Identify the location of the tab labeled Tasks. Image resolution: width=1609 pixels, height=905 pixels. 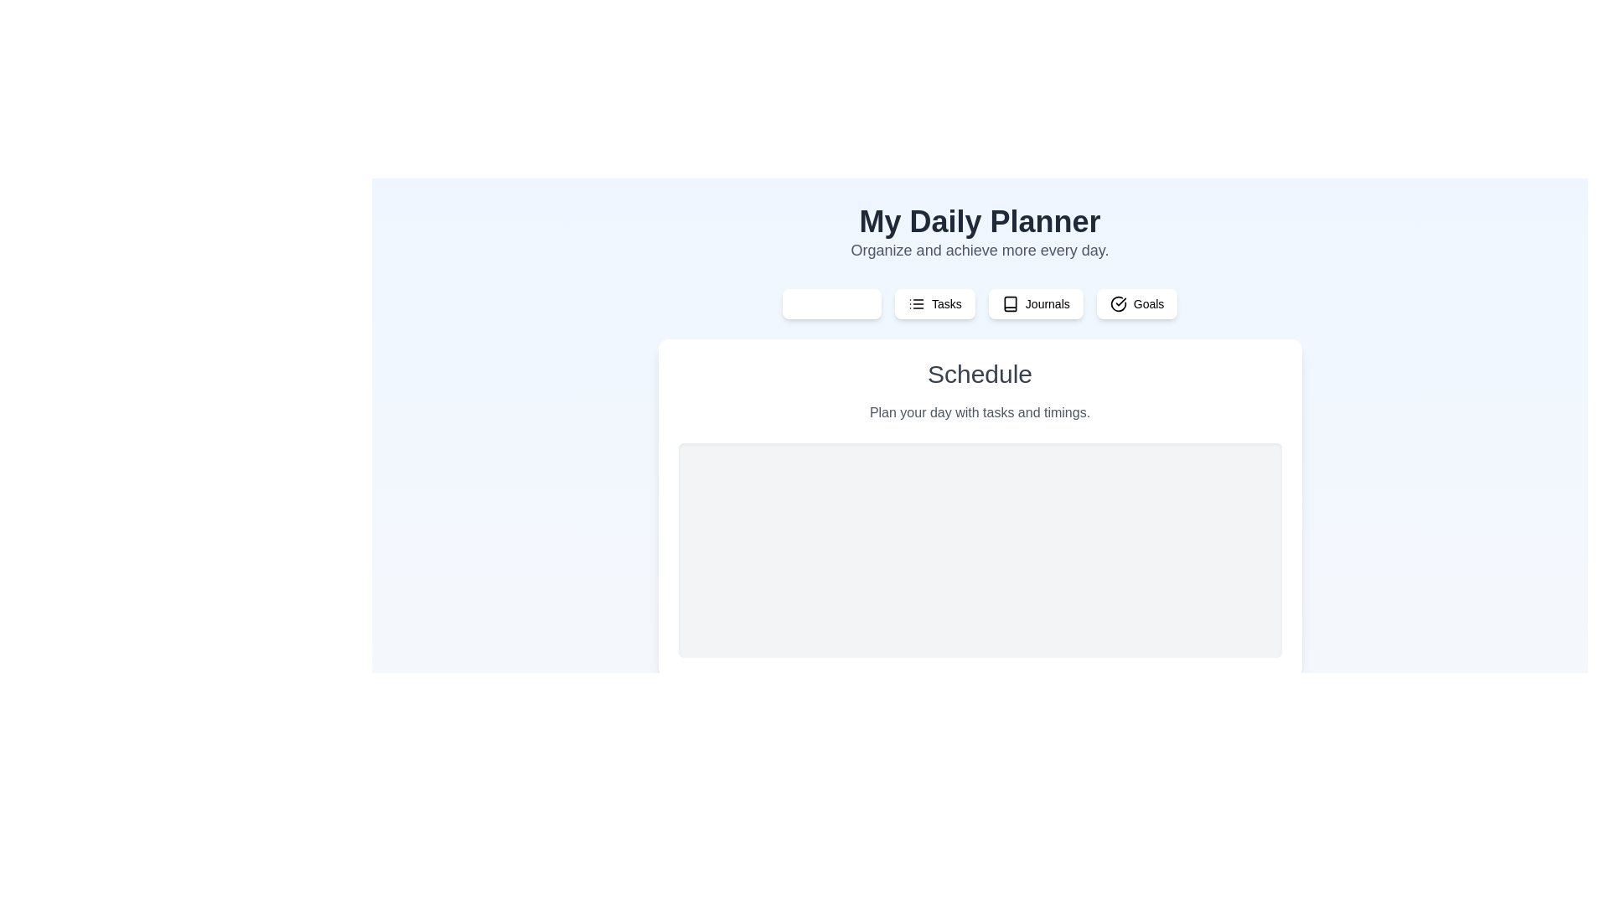
(934, 303).